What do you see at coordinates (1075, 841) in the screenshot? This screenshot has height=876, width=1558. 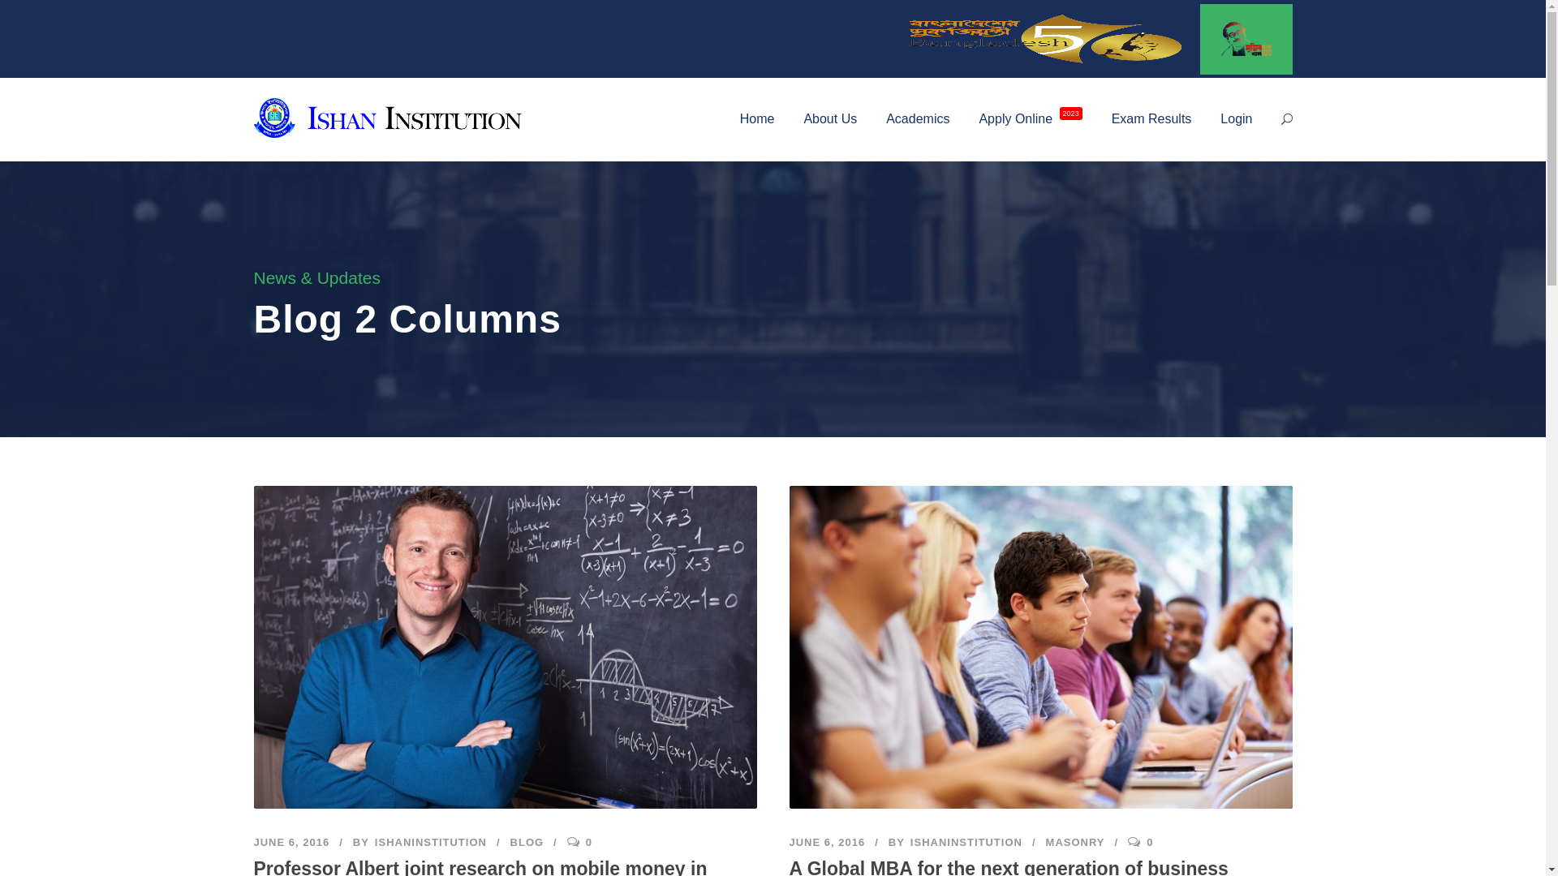 I see `'MASONRY'` at bounding box center [1075, 841].